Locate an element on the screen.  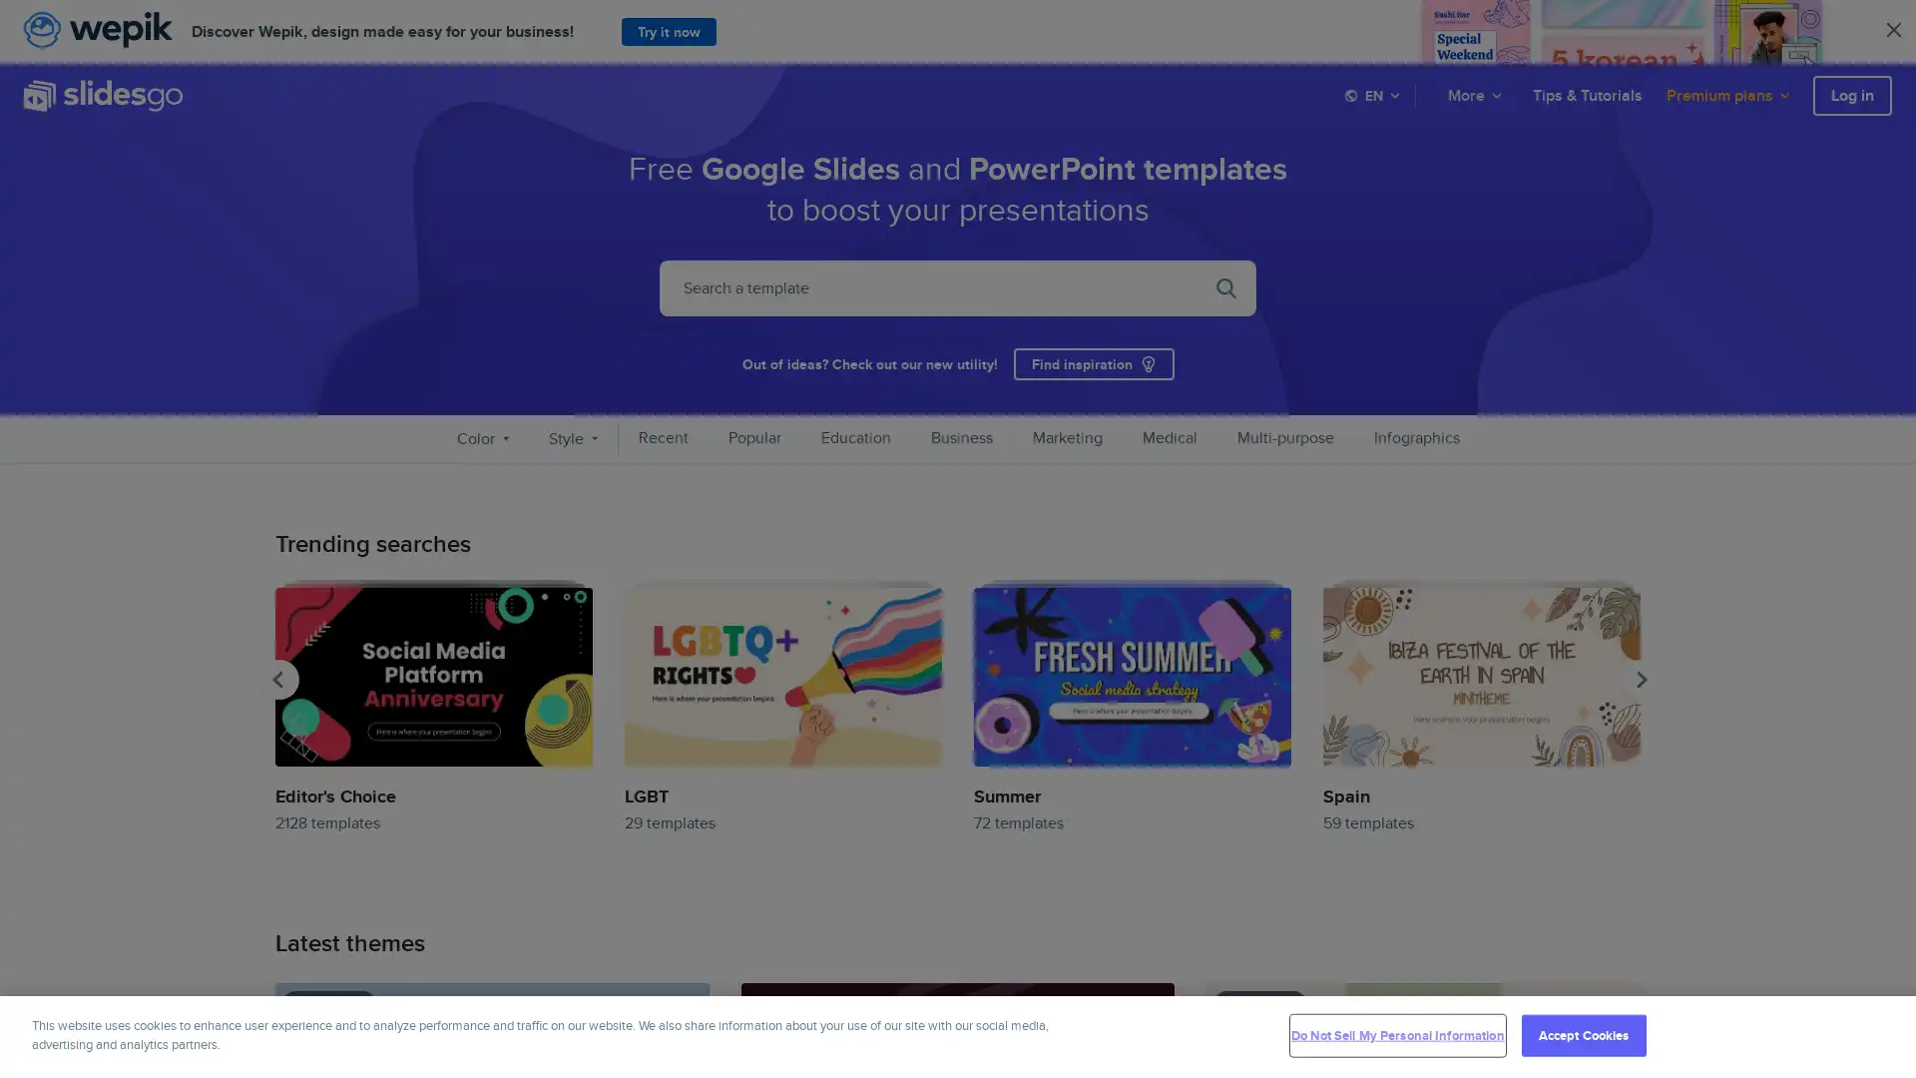
Open language picker is located at coordinates (1373, 95).